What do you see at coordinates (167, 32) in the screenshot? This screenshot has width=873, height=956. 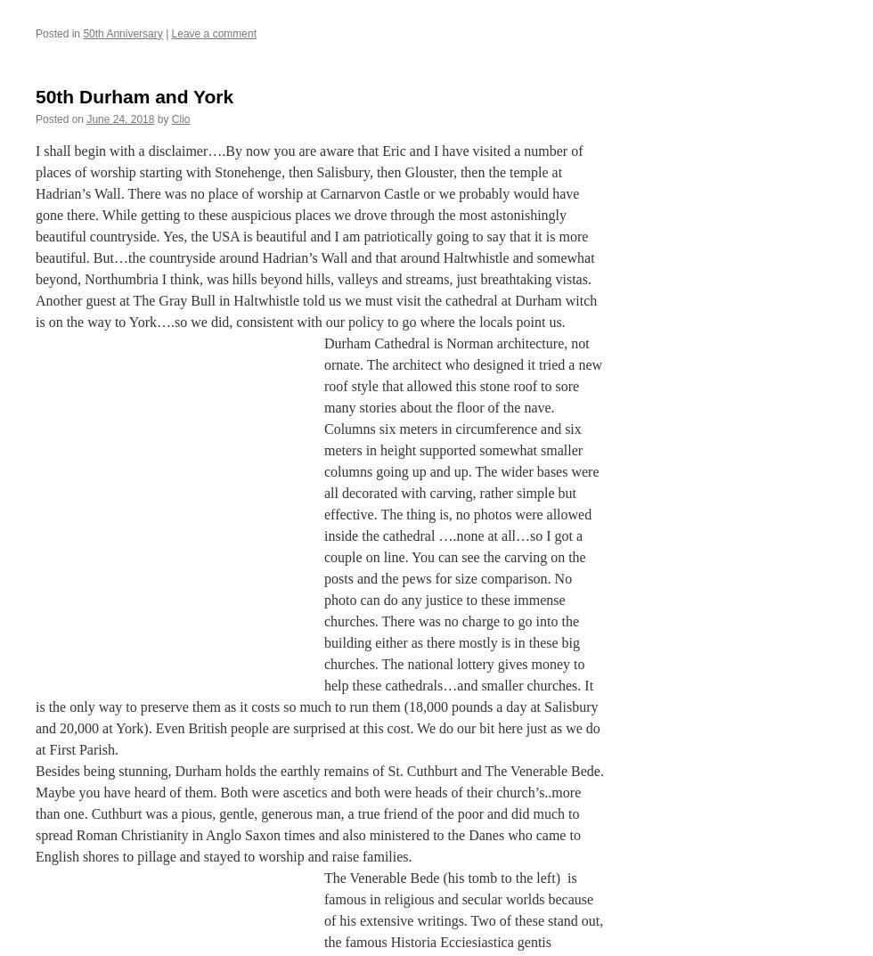 I see `'|'` at bounding box center [167, 32].